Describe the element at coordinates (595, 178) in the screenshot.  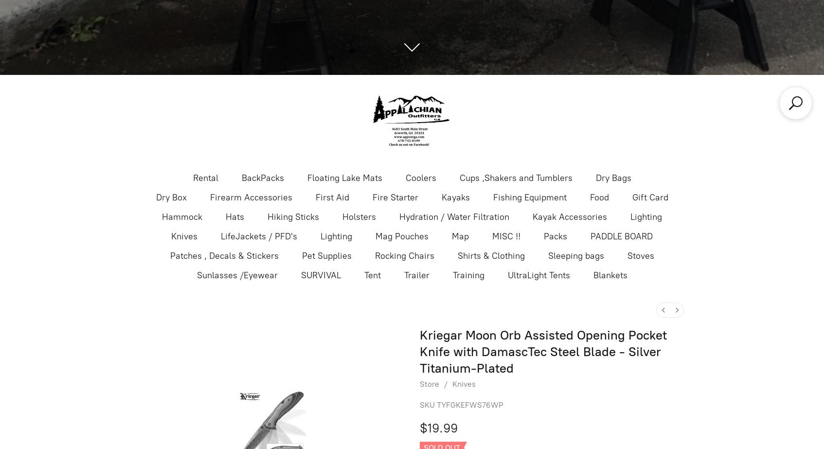
I see `'Dry Bags'` at that location.